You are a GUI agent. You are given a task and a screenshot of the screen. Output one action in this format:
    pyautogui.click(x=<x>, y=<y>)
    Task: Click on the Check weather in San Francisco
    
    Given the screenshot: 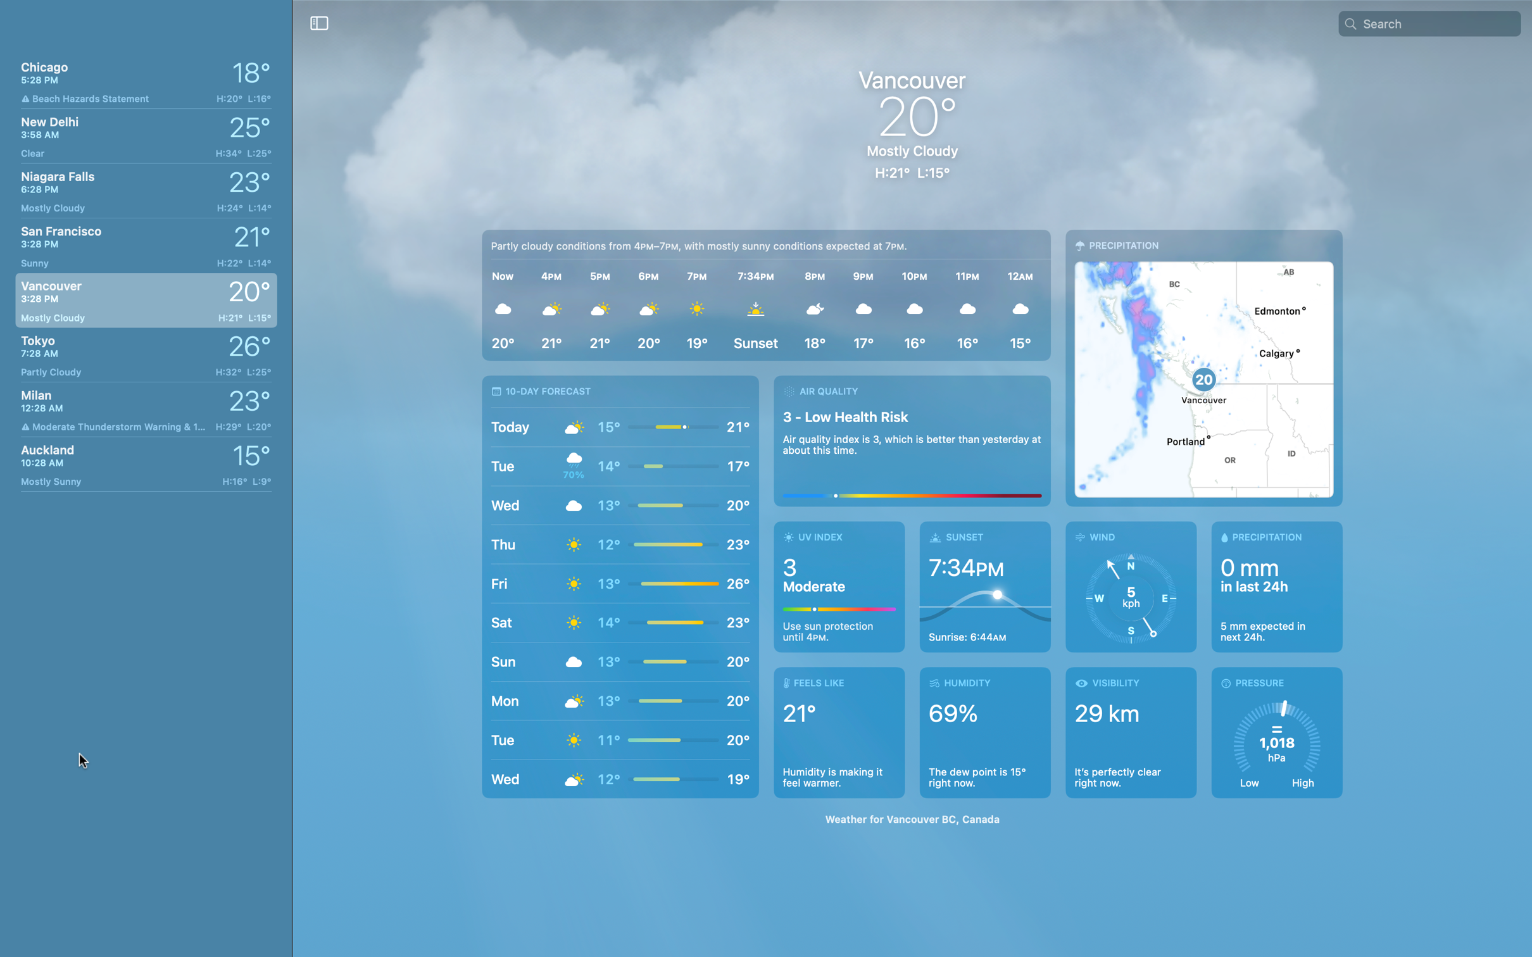 What is the action you would take?
    pyautogui.click(x=143, y=242)
    